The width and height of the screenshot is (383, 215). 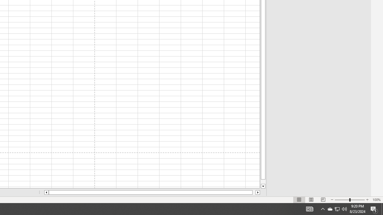 What do you see at coordinates (374, 208) in the screenshot?
I see `'Action Center, 5 new notifications'` at bounding box center [374, 208].